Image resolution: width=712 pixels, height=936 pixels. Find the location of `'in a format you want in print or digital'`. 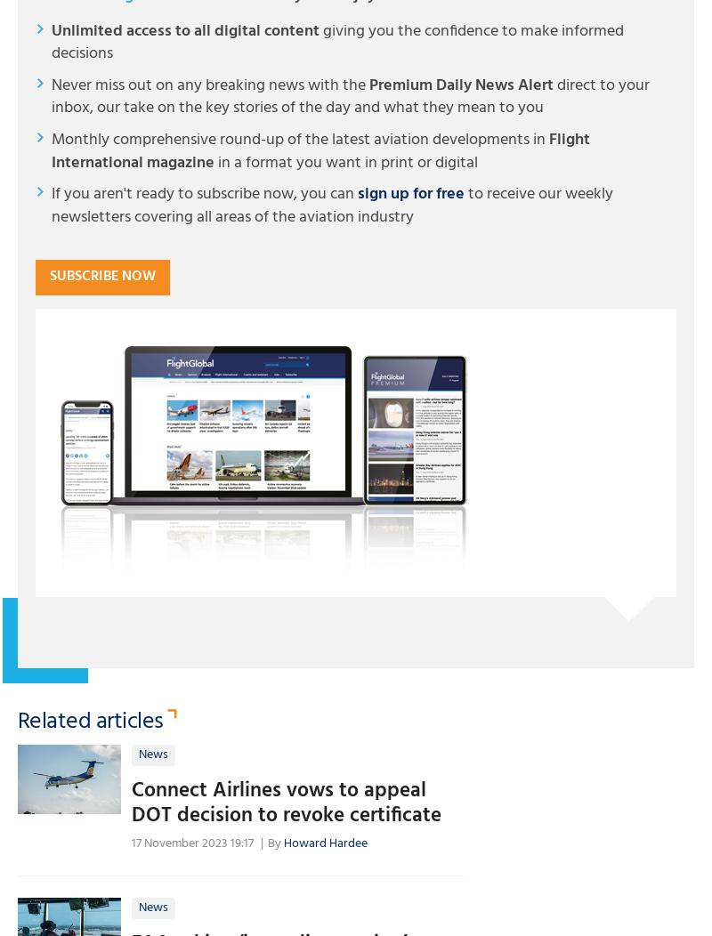

'in a format you want in print or digital' is located at coordinates (345, 162).